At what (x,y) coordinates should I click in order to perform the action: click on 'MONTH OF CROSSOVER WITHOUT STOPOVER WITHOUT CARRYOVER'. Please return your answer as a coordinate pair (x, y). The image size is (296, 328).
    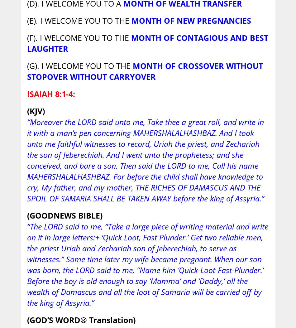
    Looking at the image, I should click on (144, 71).